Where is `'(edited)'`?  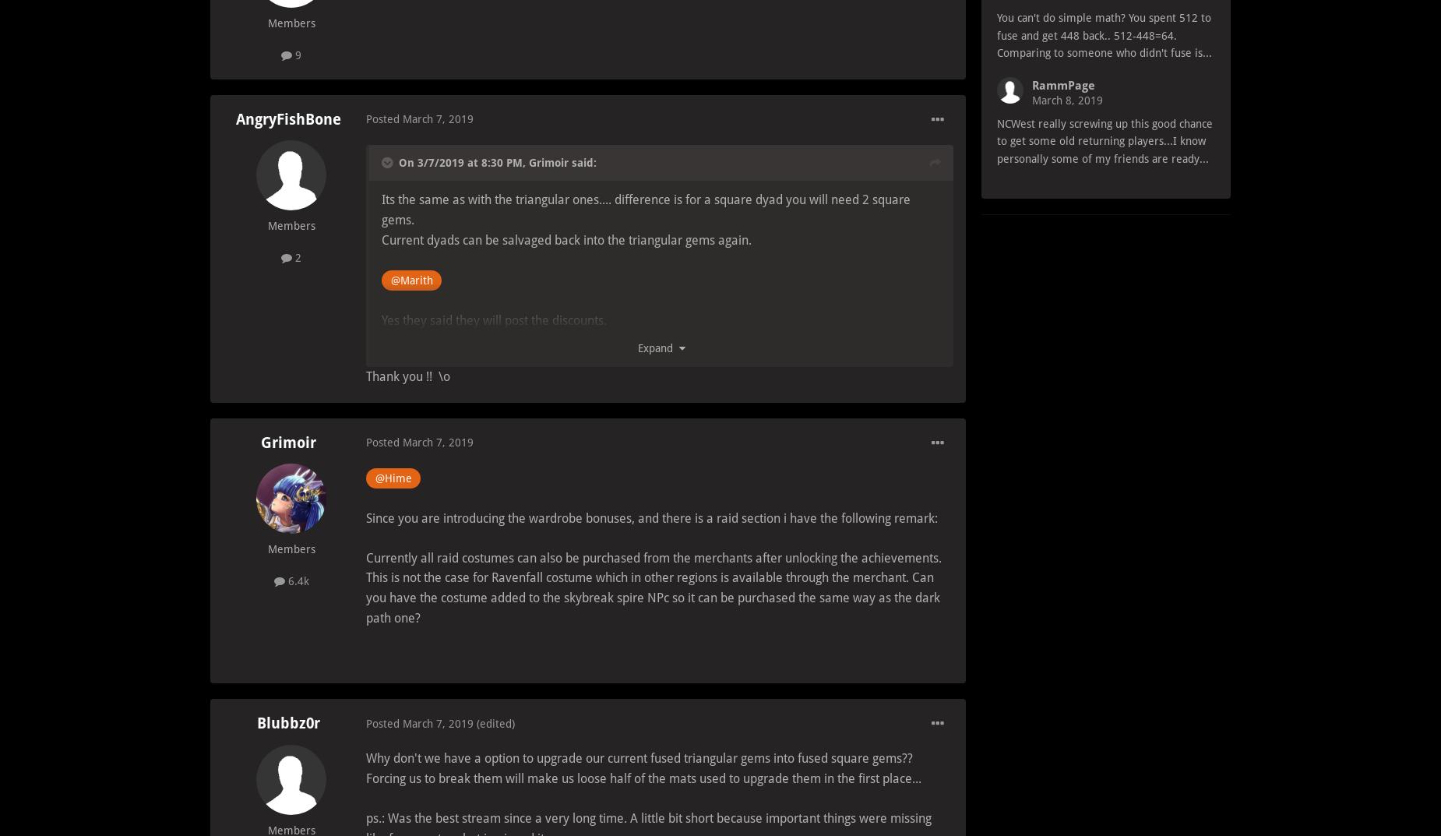
'(edited)' is located at coordinates (495, 723).